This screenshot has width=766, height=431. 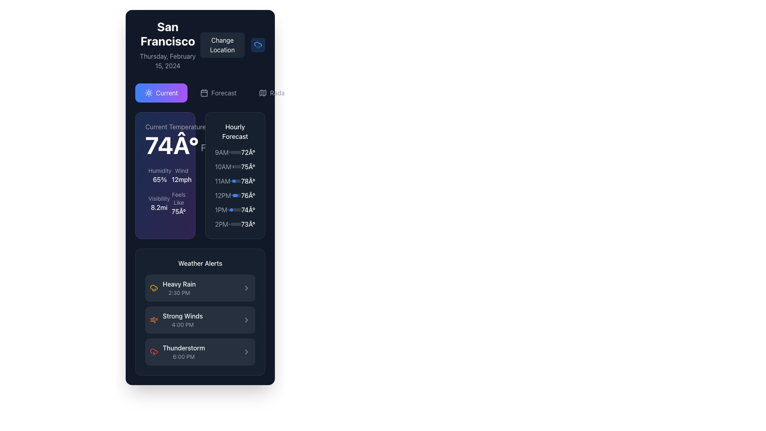 What do you see at coordinates (273, 92) in the screenshot?
I see `the 'Radar' button, which is the third button in a horizontal row of buttons, featuring a map icon and labeled in gray text that turns white on hover` at bounding box center [273, 92].